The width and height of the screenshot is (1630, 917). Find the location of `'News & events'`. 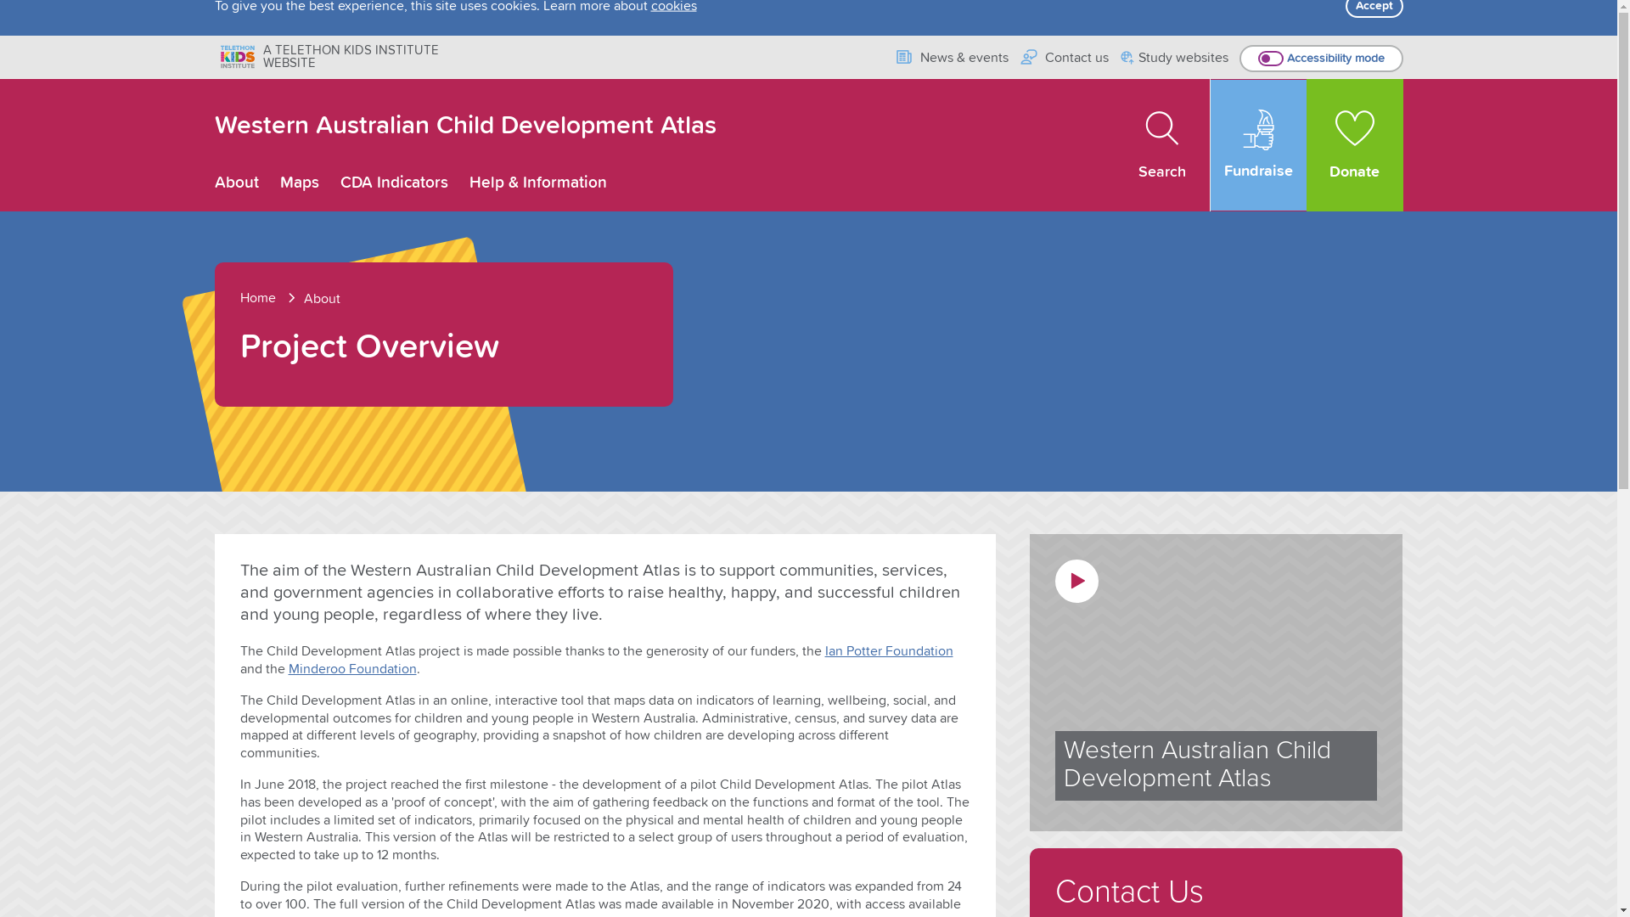

'News & events' is located at coordinates (951, 57).